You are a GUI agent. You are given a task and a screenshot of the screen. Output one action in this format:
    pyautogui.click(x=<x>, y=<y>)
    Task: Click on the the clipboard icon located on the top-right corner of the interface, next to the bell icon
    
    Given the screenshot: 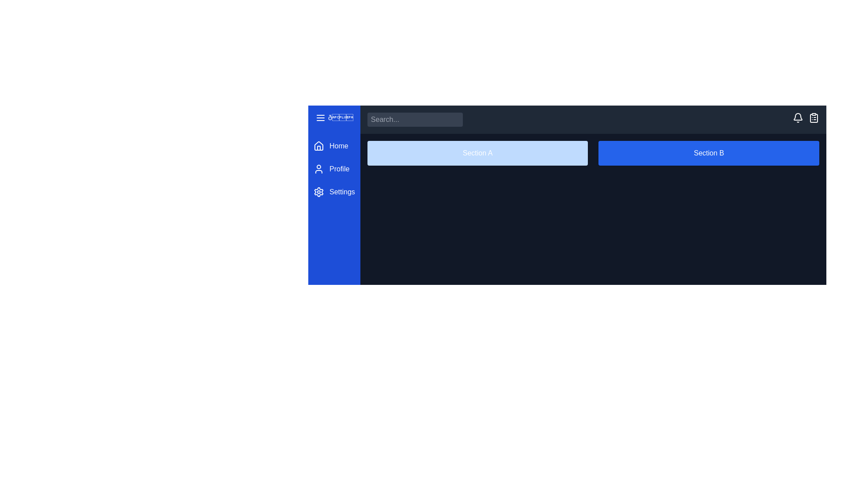 What is the action you would take?
    pyautogui.click(x=814, y=117)
    